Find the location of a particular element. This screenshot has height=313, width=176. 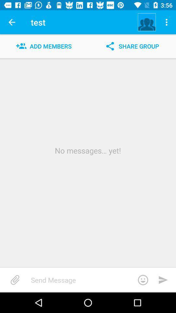

item to the left of test item is located at coordinates (12, 22).